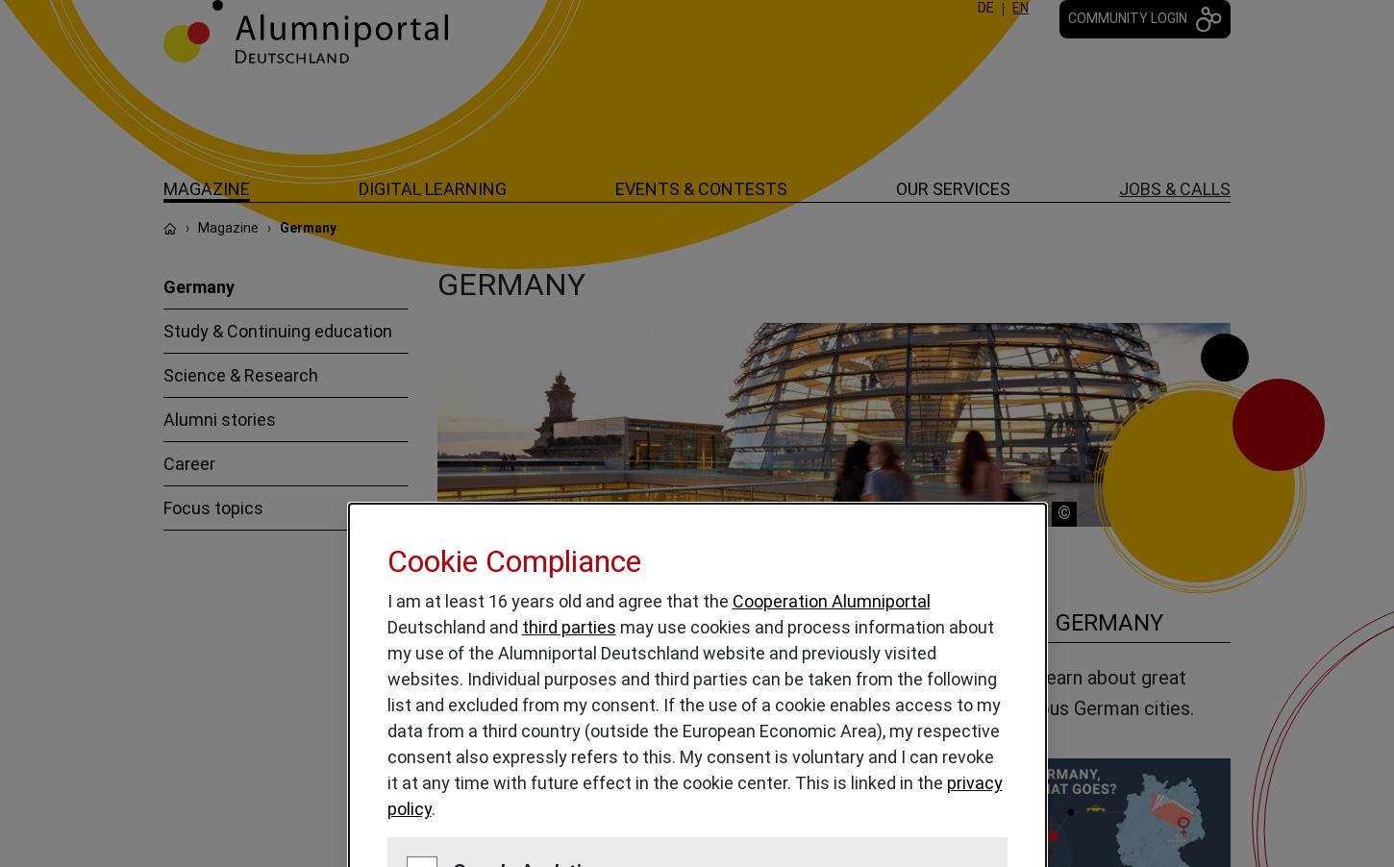 Image resolution: width=1394 pixels, height=867 pixels. Describe the element at coordinates (701, 187) in the screenshot. I see `'Events & contests'` at that location.